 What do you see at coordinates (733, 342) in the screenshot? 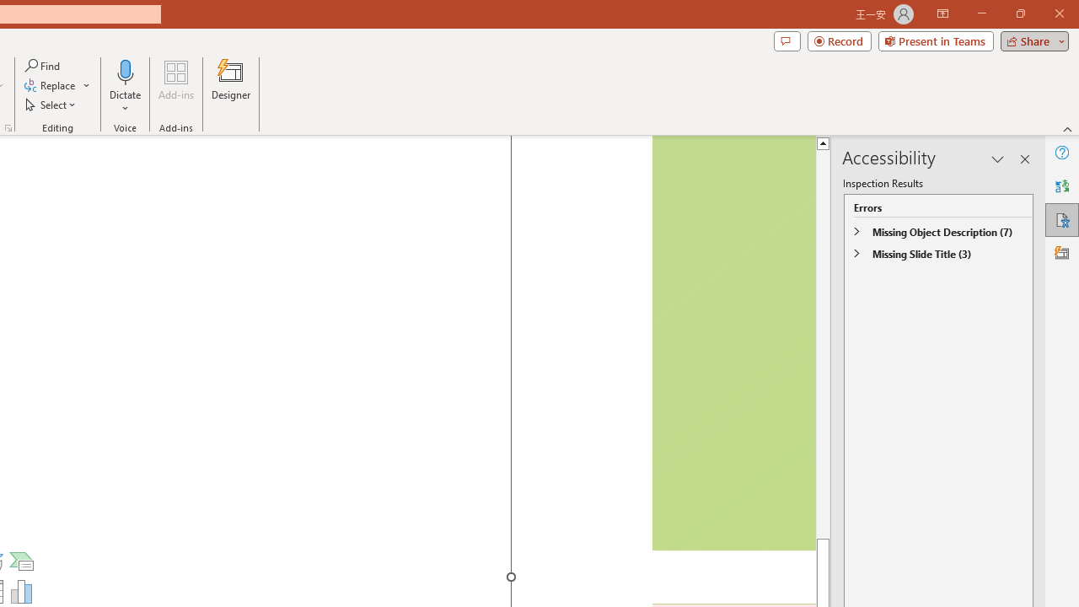
I see `'Camera 5, No camera detected.'` at bounding box center [733, 342].